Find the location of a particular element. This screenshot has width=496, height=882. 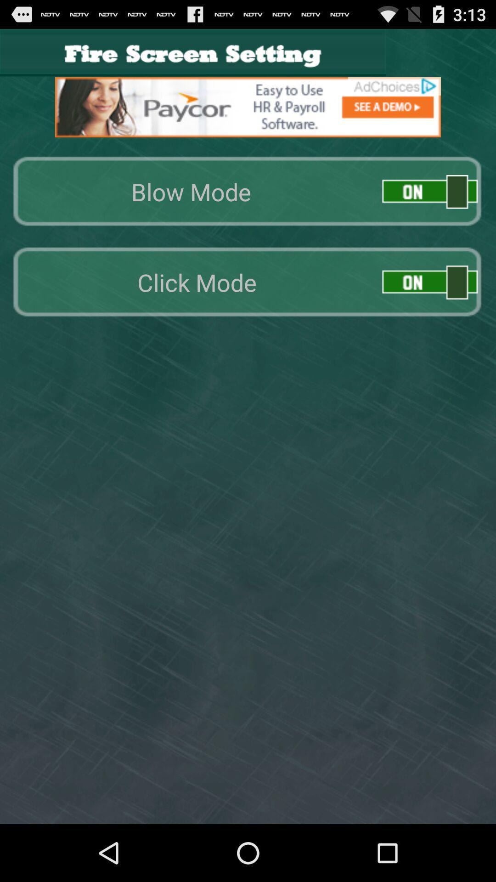

for advertisement is located at coordinates (248, 107).